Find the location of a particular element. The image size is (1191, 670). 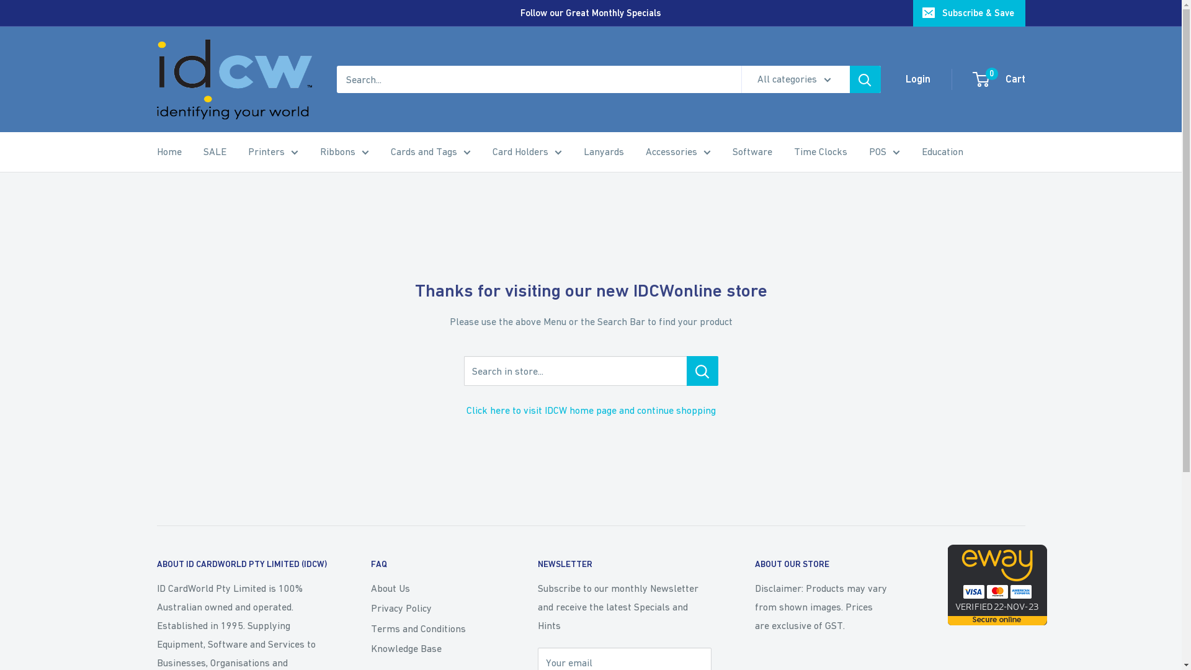

'Home' is located at coordinates (168, 151).